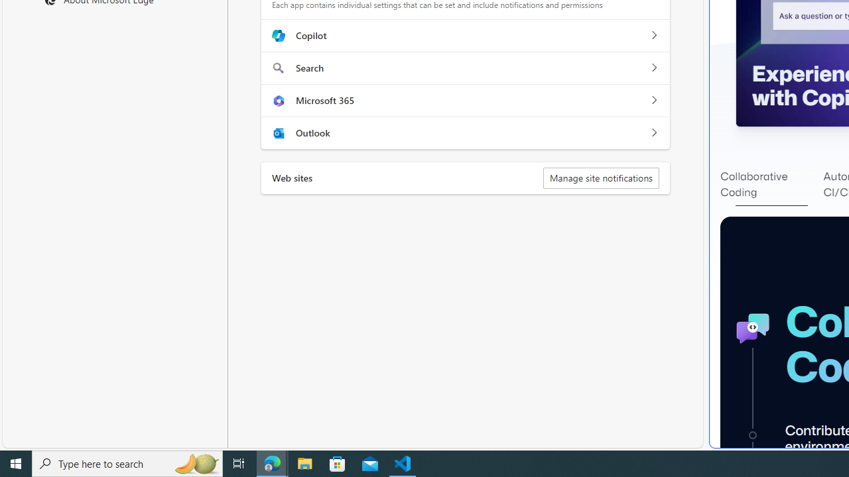 The image size is (849, 477). Describe the element at coordinates (272, 462) in the screenshot. I see `'Microsoft Edge - 2 running windows'` at that location.